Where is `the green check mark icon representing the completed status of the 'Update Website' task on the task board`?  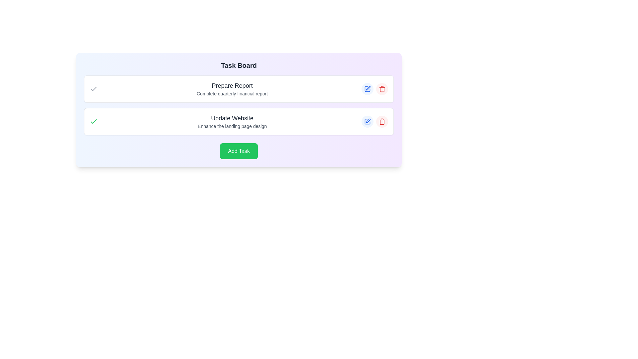
the green check mark icon representing the completed status of the 'Update Website' task on the task board is located at coordinates (93, 122).